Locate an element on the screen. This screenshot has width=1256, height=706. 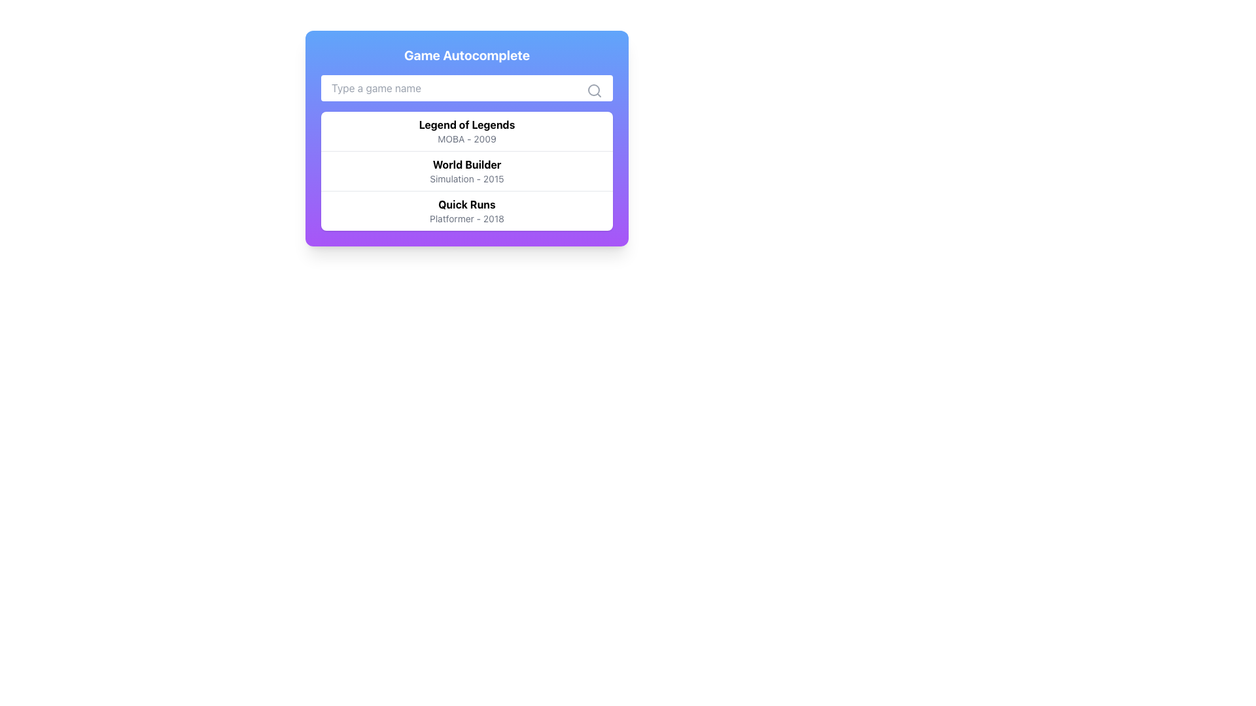
the text label displaying 'MOBA - 2009', which is positioned below the bold title 'Legend of Legends' is located at coordinates (467, 139).